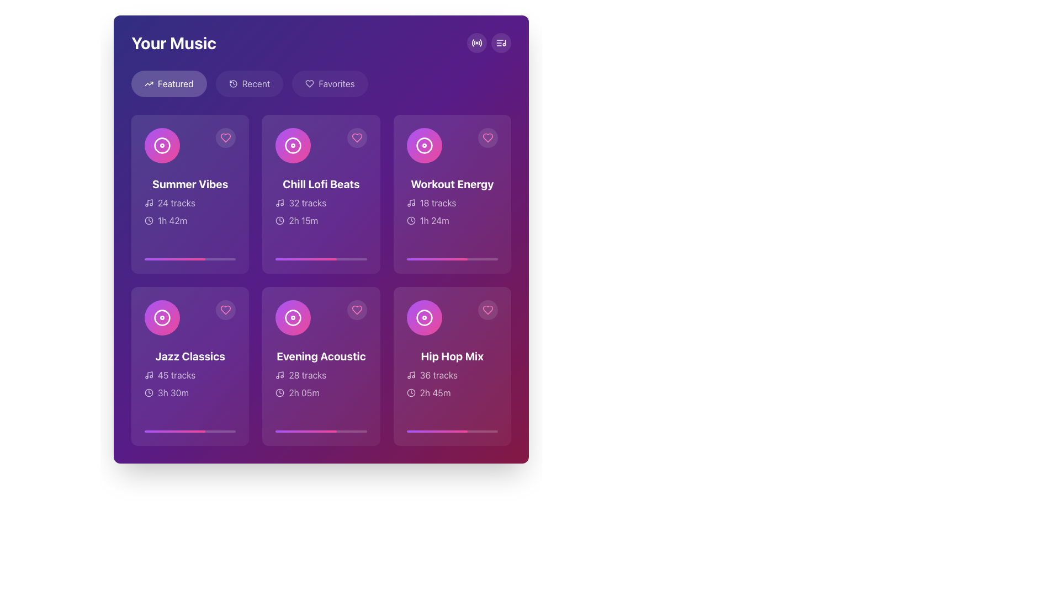 The width and height of the screenshot is (1060, 596). What do you see at coordinates (357, 137) in the screenshot?
I see `the heart icon located at the top-right corner of the 'Chill Lofi Beats' card` at bounding box center [357, 137].